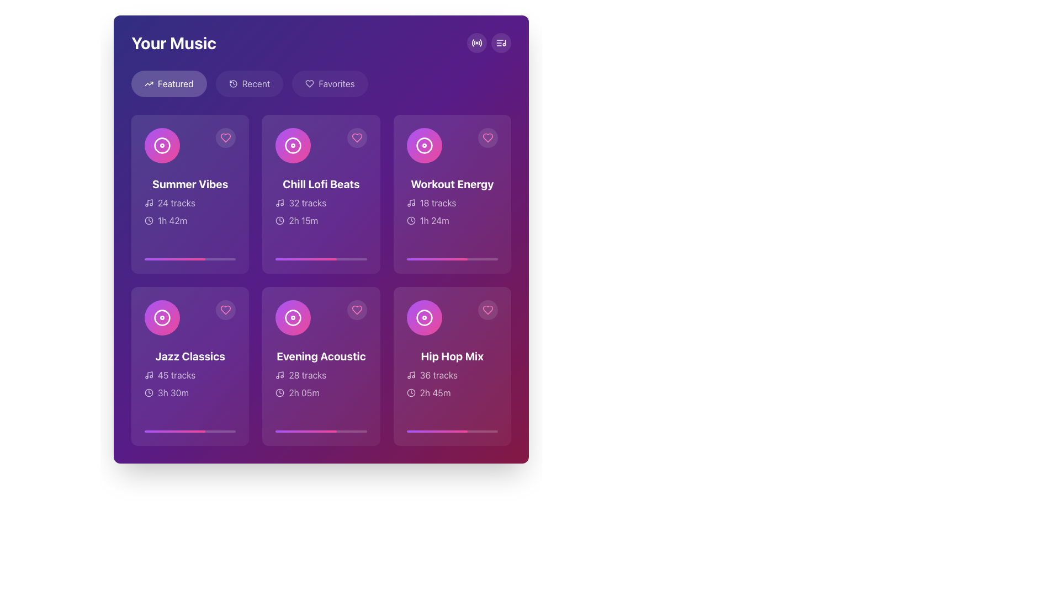 The width and height of the screenshot is (1060, 596). What do you see at coordinates (357, 137) in the screenshot?
I see `the heart icon located at the top-right corner of the 'Chill Lofi Beats' card` at bounding box center [357, 137].